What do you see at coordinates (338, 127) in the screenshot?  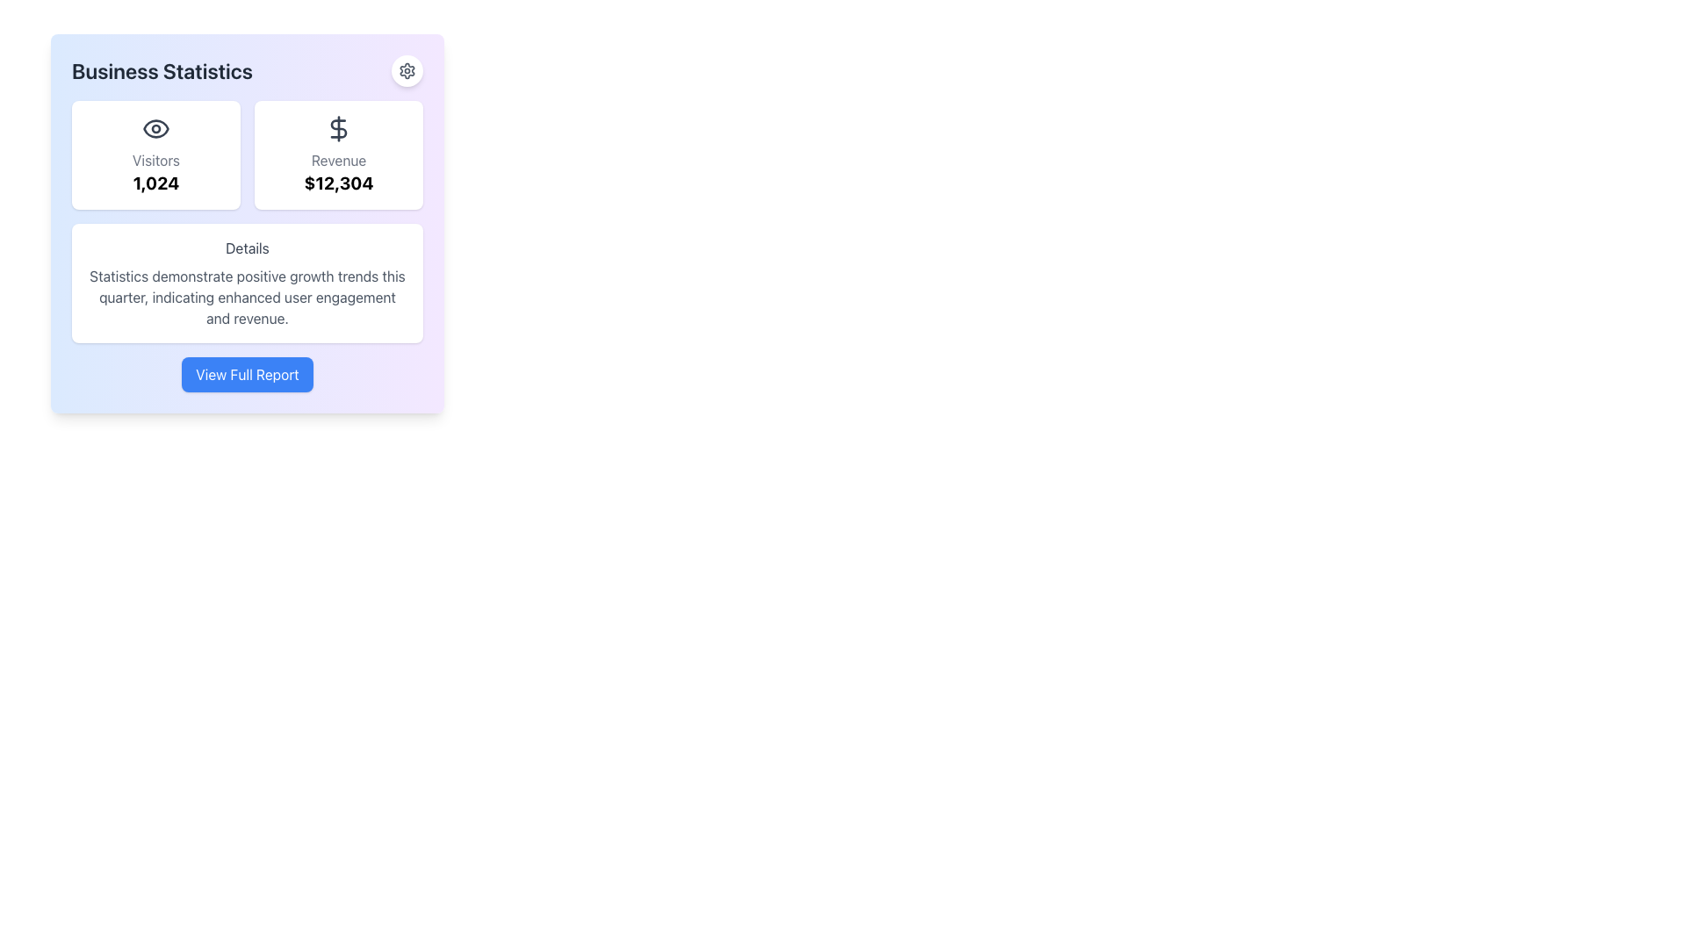 I see `the dollar sign icon, which is styled with curved lines and positioned above the text labeled 'Revenue $12,304' in the right card of the statistics layout` at bounding box center [338, 127].